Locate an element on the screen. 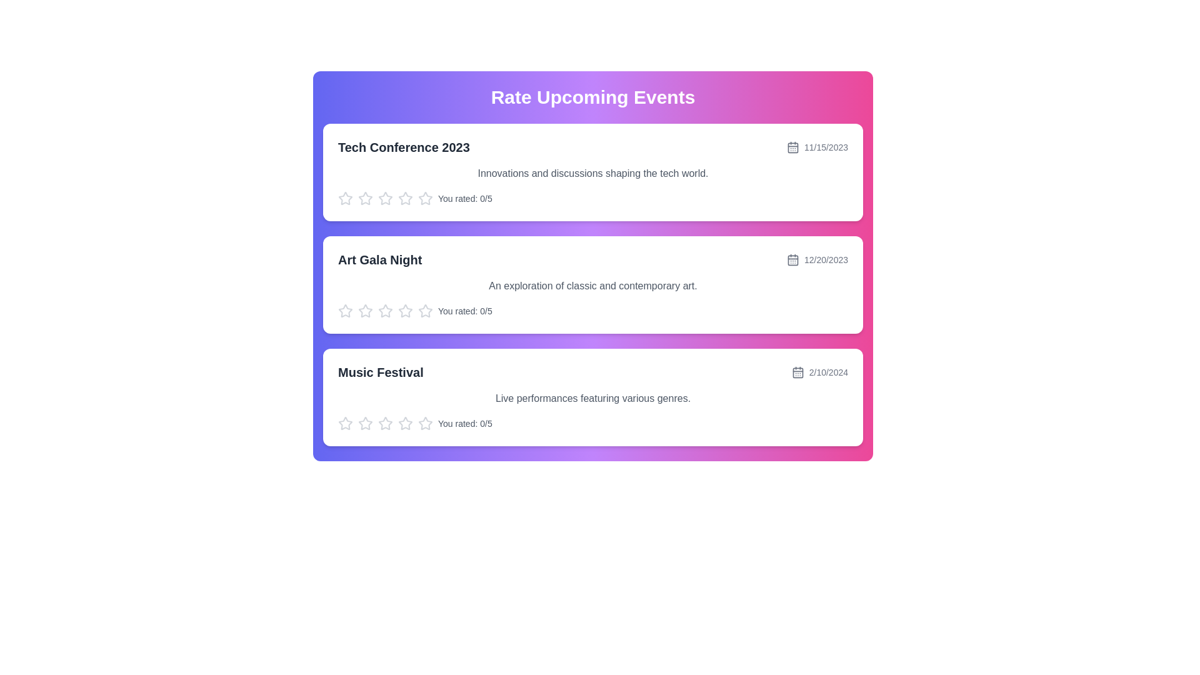  the fifth star icon in the rating widget to give a 5-star rating for the event 'Music Festival' is located at coordinates (426, 423).